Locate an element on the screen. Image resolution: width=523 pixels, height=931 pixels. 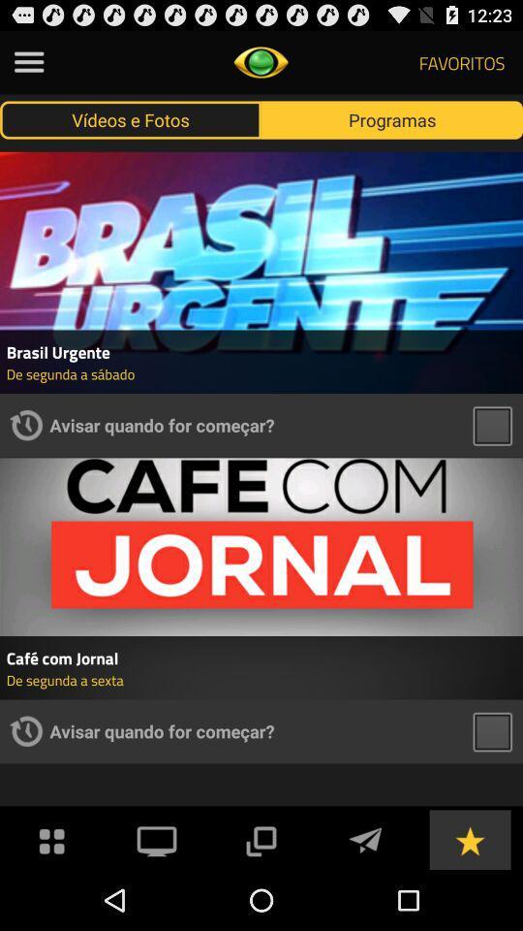
the icon to the left of avisar quando for app is located at coordinates (25, 730).